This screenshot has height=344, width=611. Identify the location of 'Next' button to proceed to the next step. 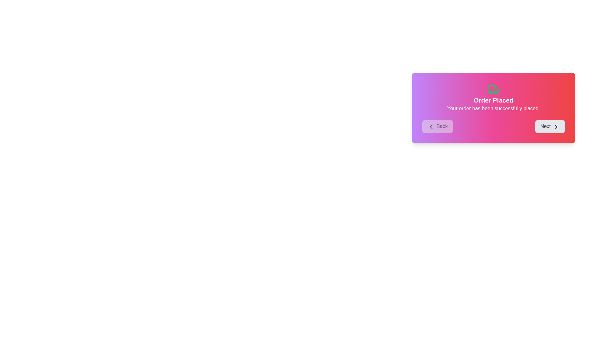
(550, 126).